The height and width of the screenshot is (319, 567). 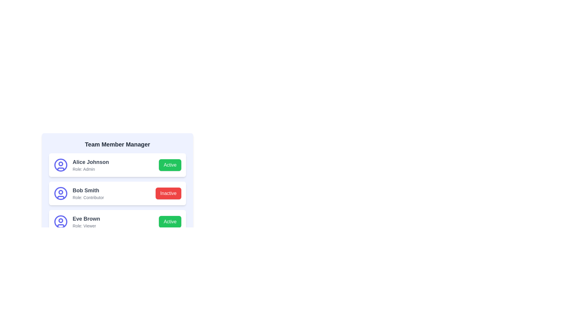 I want to click on the green button labeled 'Active', so click(x=170, y=222).